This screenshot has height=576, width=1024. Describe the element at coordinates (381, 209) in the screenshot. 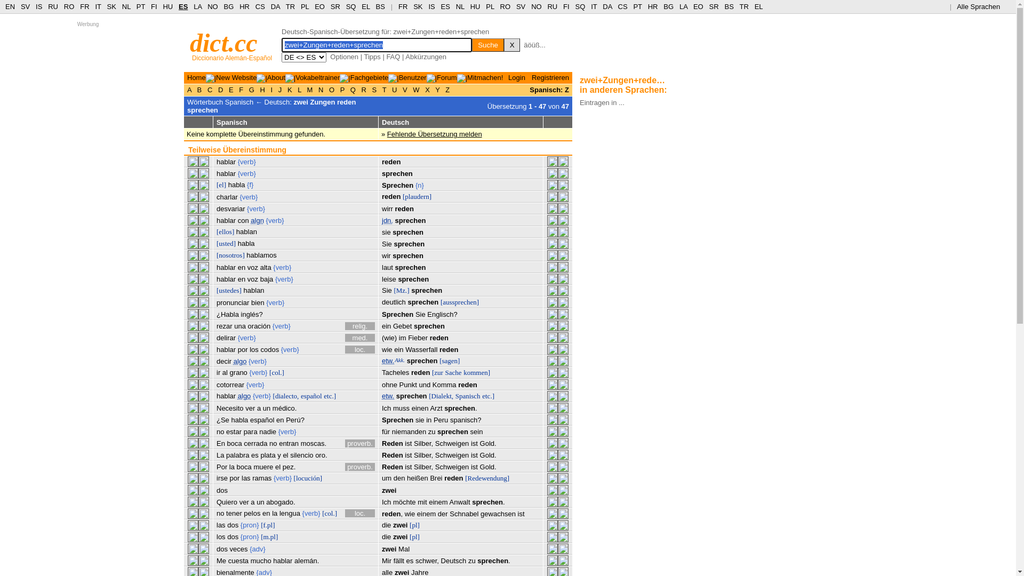

I see `'wirr'` at that location.